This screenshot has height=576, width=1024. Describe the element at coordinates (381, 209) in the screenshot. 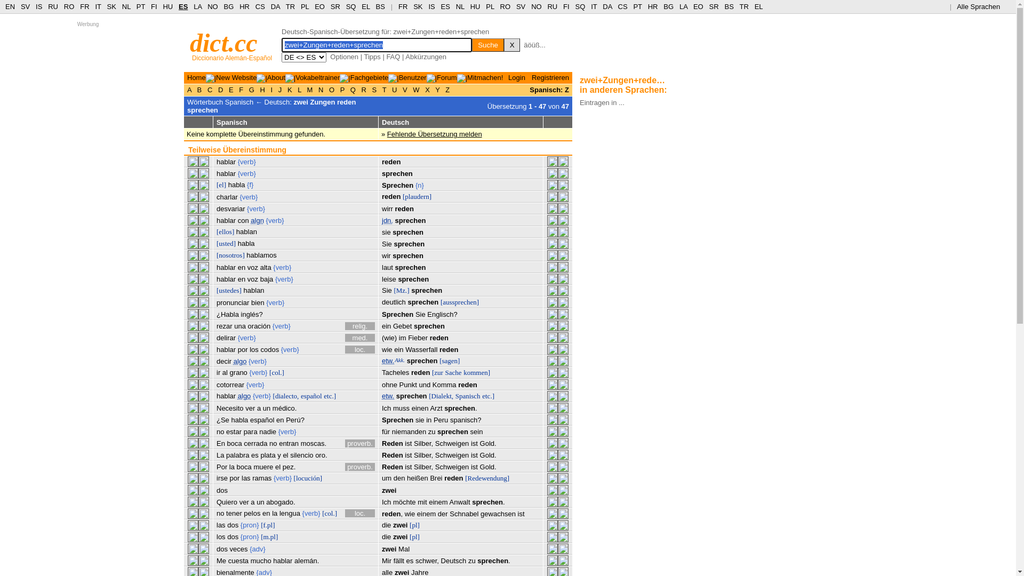

I see `'wirr'` at that location.